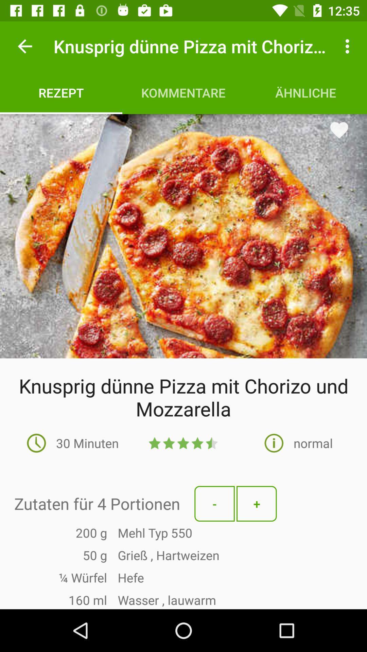 The height and width of the screenshot is (652, 367). What do you see at coordinates (349, 46) in the screenshot?
I see `top right corner icon` at bounding box center [349, 46].